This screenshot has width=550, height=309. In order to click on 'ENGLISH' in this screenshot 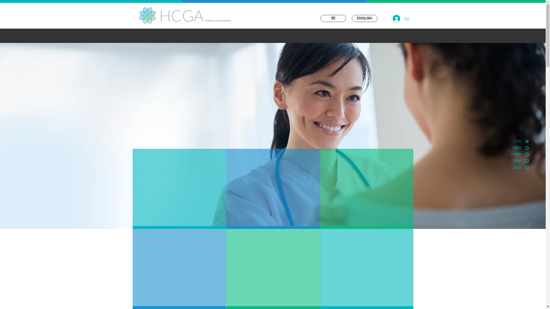, I will do `click(364, 18)`.